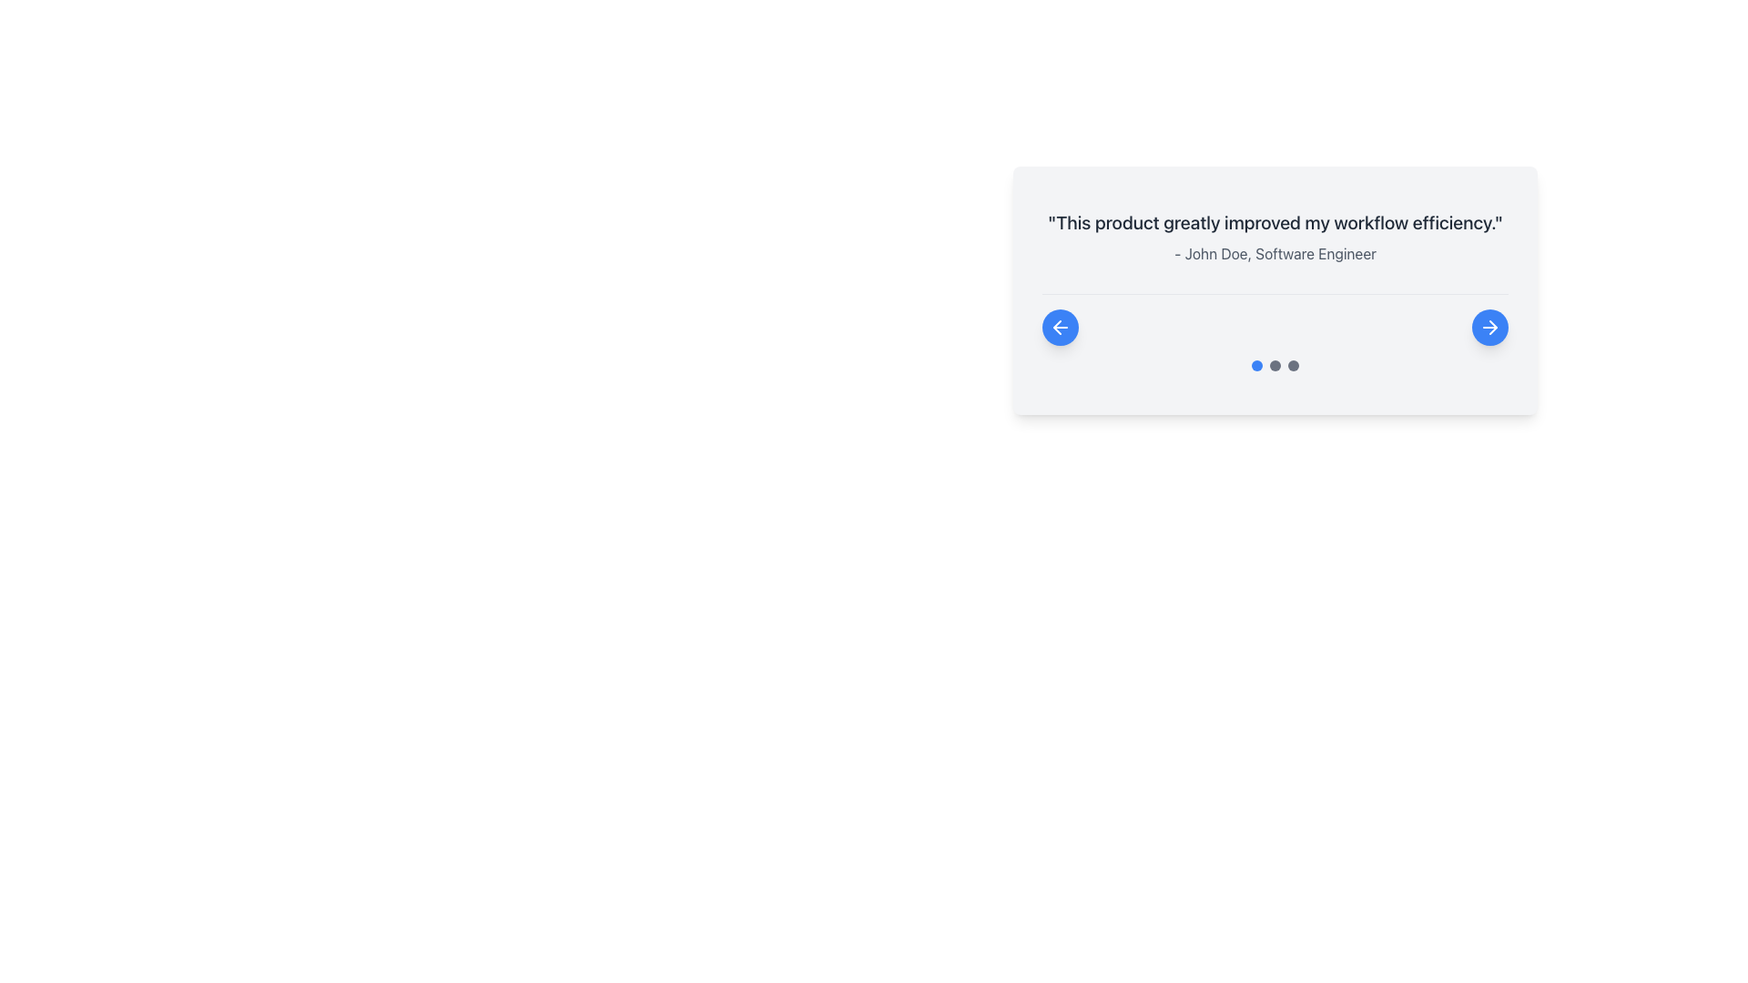 The image size is (1748, 983). What do you see at coordinates (1275, 365) in the screenshot?
I see `the second circular navigation indicator located centrally below the testimonial section` at bounding box center [1275, 365].